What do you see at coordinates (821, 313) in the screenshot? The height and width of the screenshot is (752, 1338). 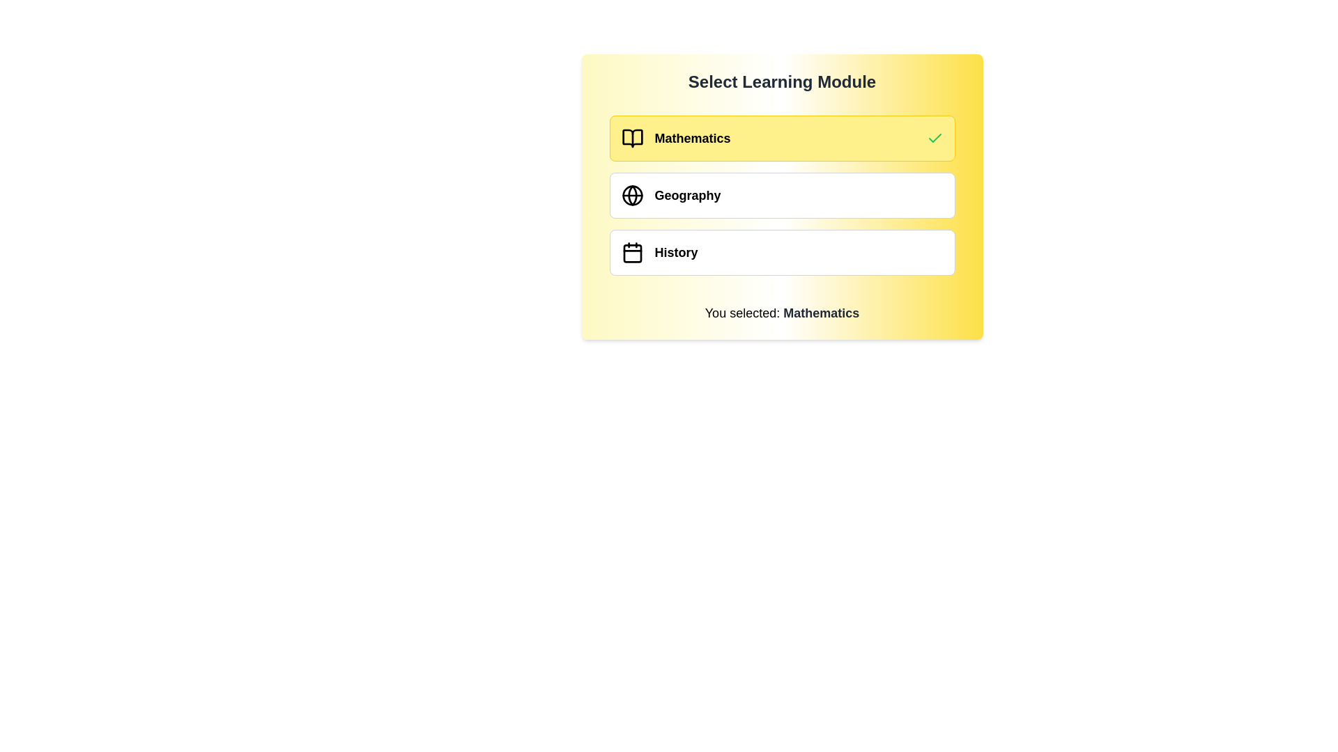 I see `the bold text element reading 'Mathematics' located at the end of the phrase 'You selected' in dark-gray font` at bounding box center [821, 313].